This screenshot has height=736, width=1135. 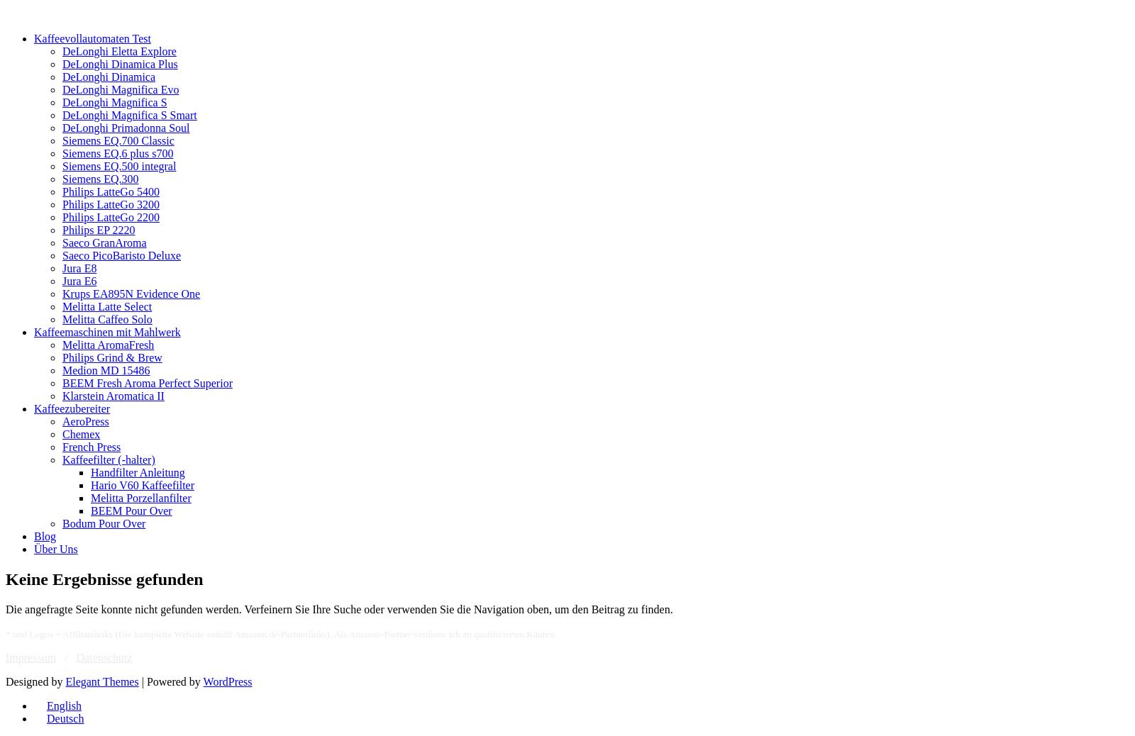 I want to click on 'Bodum Pour Over', so click(x=103, y=523).